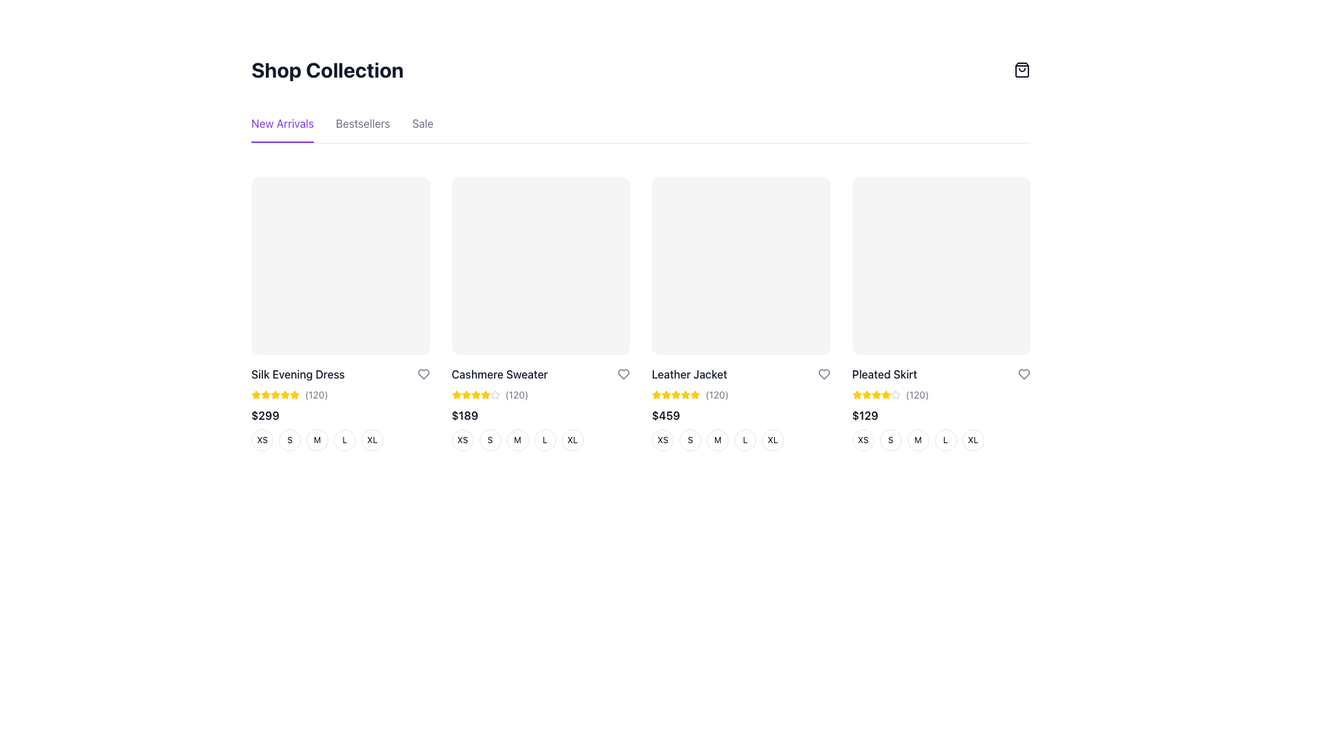  What do you see at coordinates (540, 394) in the screenshot?
I see `the stars in the Rating with stats display located beneath the 'Cashmere Sweater' product name and above the price '$189.'` at bounding box center [540, 394].